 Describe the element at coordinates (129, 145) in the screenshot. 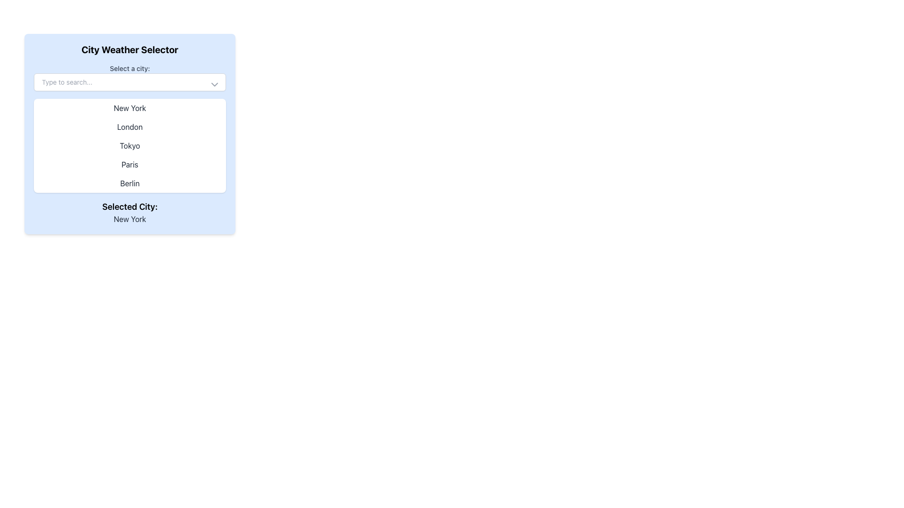

I see `the selectable option 'Tokyo' in the city selector menu` at that location.